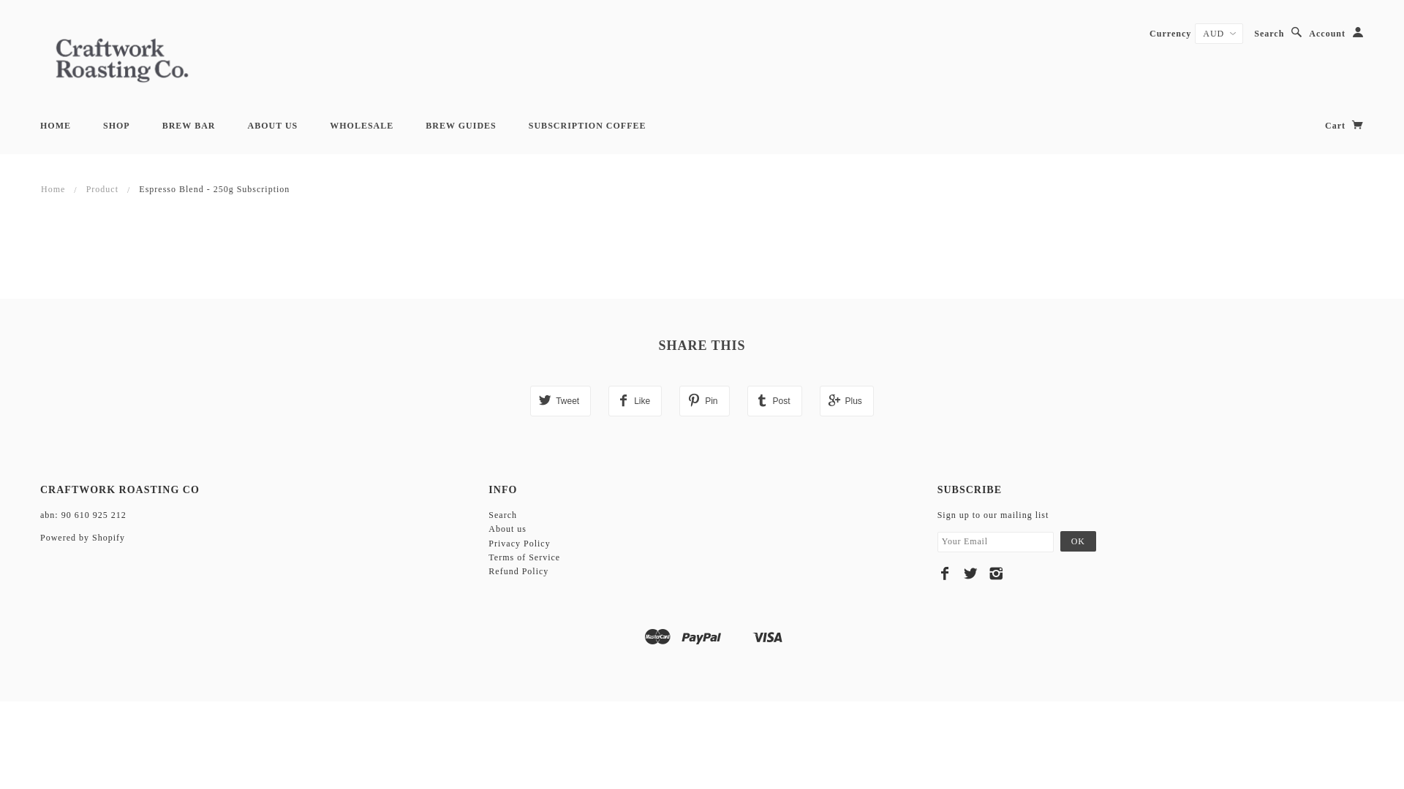 The width and height of the screenshot is (1404, 789). Describe the element at coordinates (635, 400) in the screenshot. I see `'Like'` at that location.